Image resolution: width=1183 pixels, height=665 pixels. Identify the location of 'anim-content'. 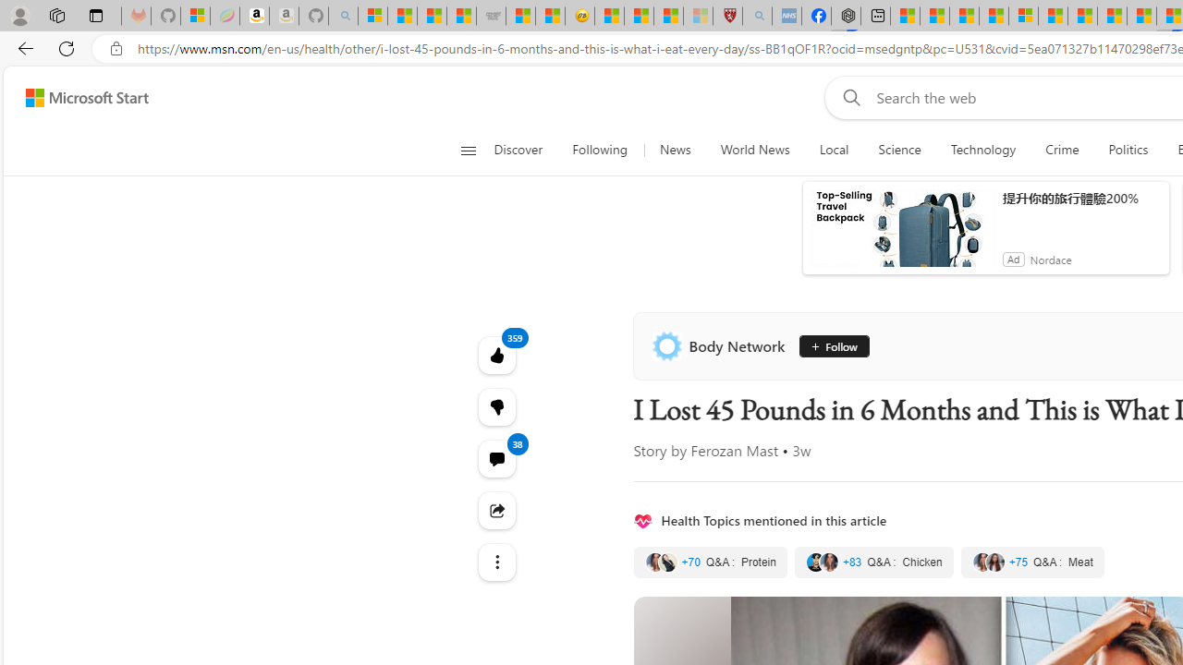
(902, 235).